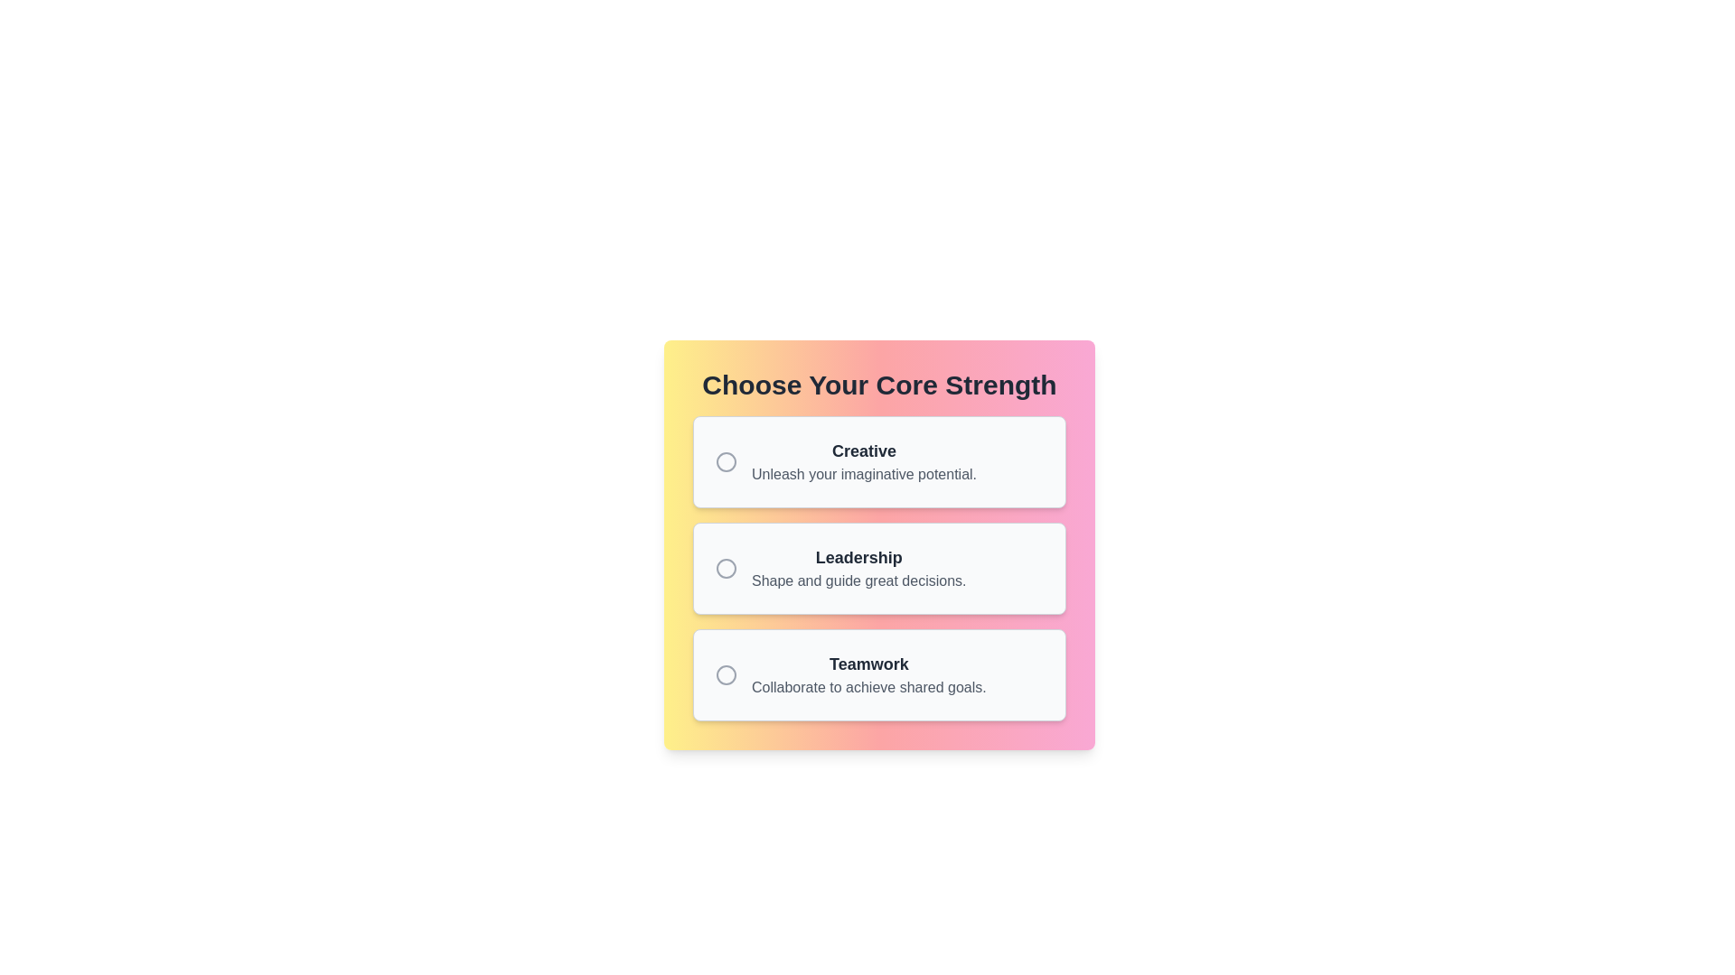 The image size is (1735, 975). What do you see at coordinates (727, 461) in the screenshot?
I see `the circular radio button with a gray outline and white background located to the left of the 'Creative' text for potential visual feedback` at bounding box center [727, 461].